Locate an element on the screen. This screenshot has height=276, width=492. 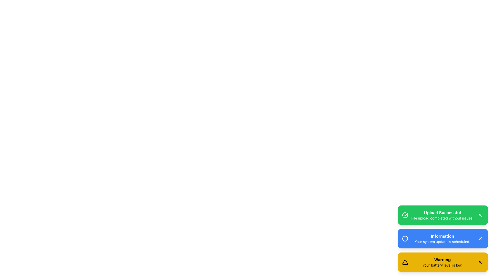
the Close Icon, represented by an 'X', located at the far-right of the blue notification component labeled 'Information: Your system update is scheduled' is located at coordinates (480, 238).